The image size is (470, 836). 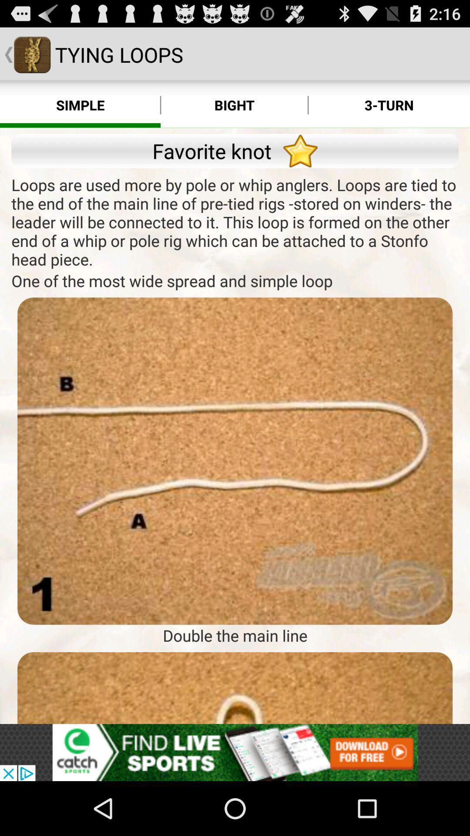 What do you see at coordinates (235, 752) in the screenshot?
I see `open advertisement` at bounding box center [235, 752].